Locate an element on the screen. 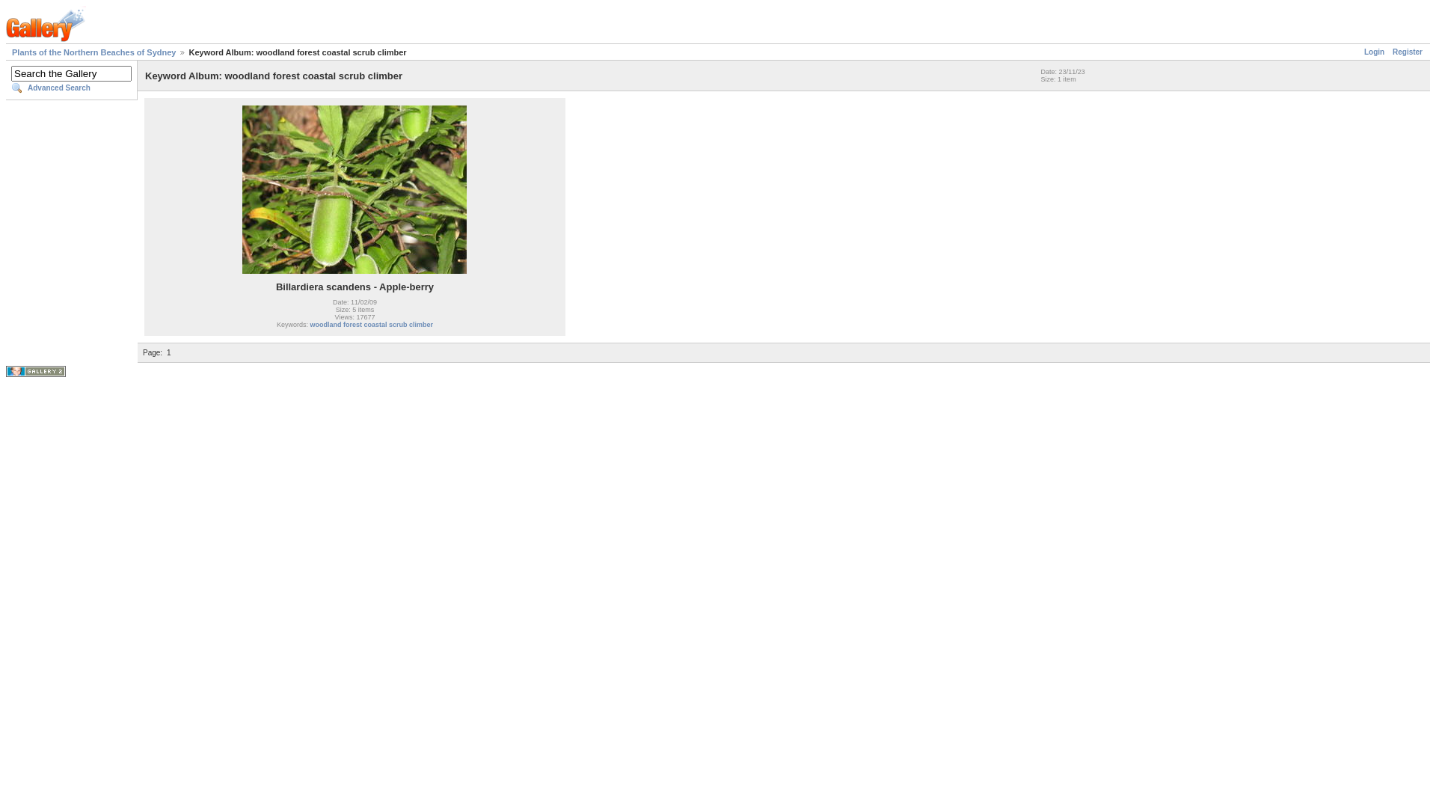  'Register' is located at coordinates (1406, 51).